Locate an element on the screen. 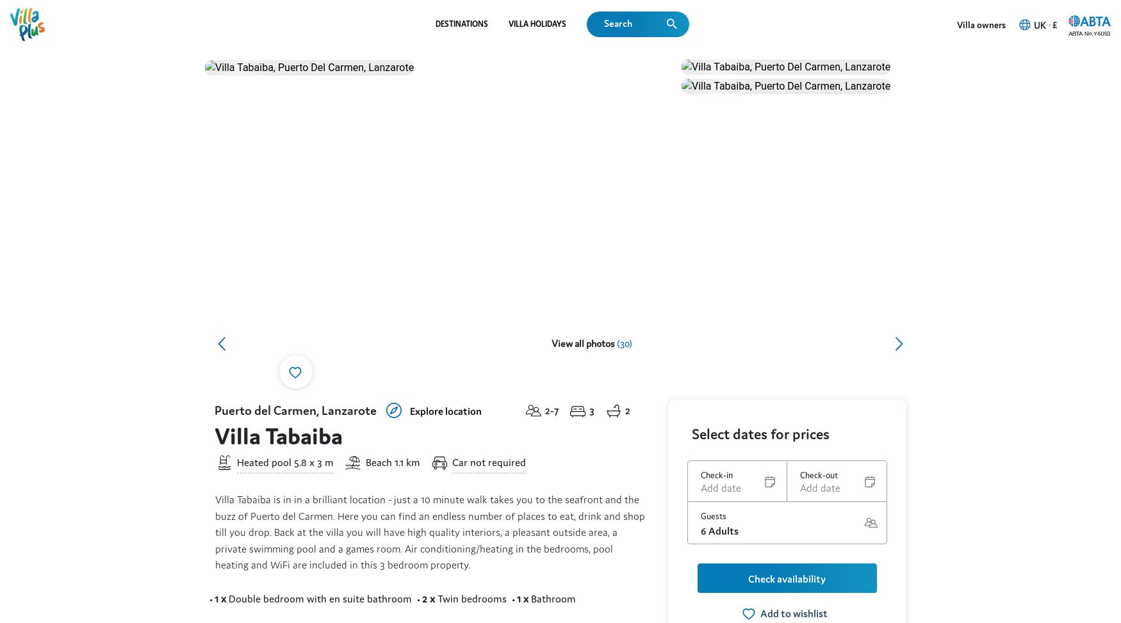 This screenshot has height=623, width=1121. 'Double bedroom with en suite bathroom' is located at coordinates (320, 40).